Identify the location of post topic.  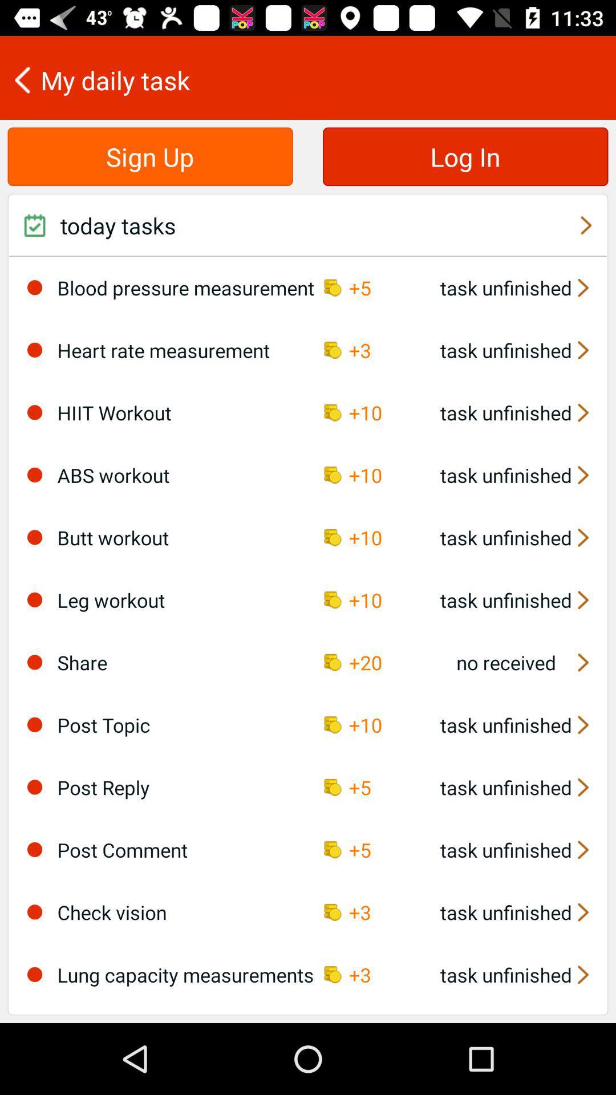
(34, 724).